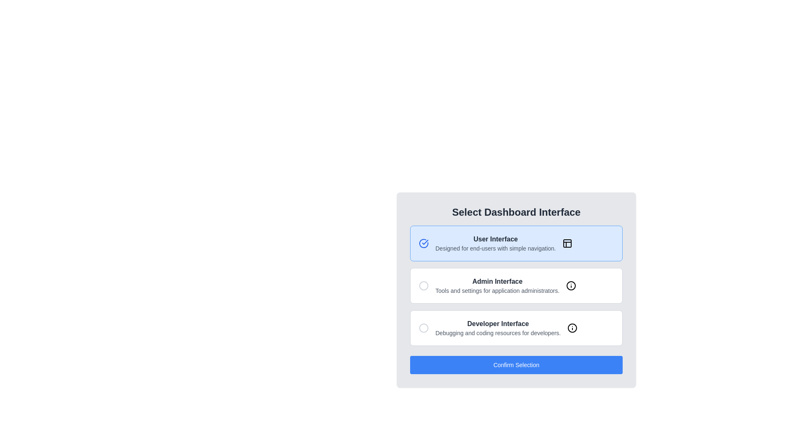  Describe the element at coordinates (424, 285) in the screenshot. I see `the circular radio button located to the far left of the 'Admin Interface' option` at that location.